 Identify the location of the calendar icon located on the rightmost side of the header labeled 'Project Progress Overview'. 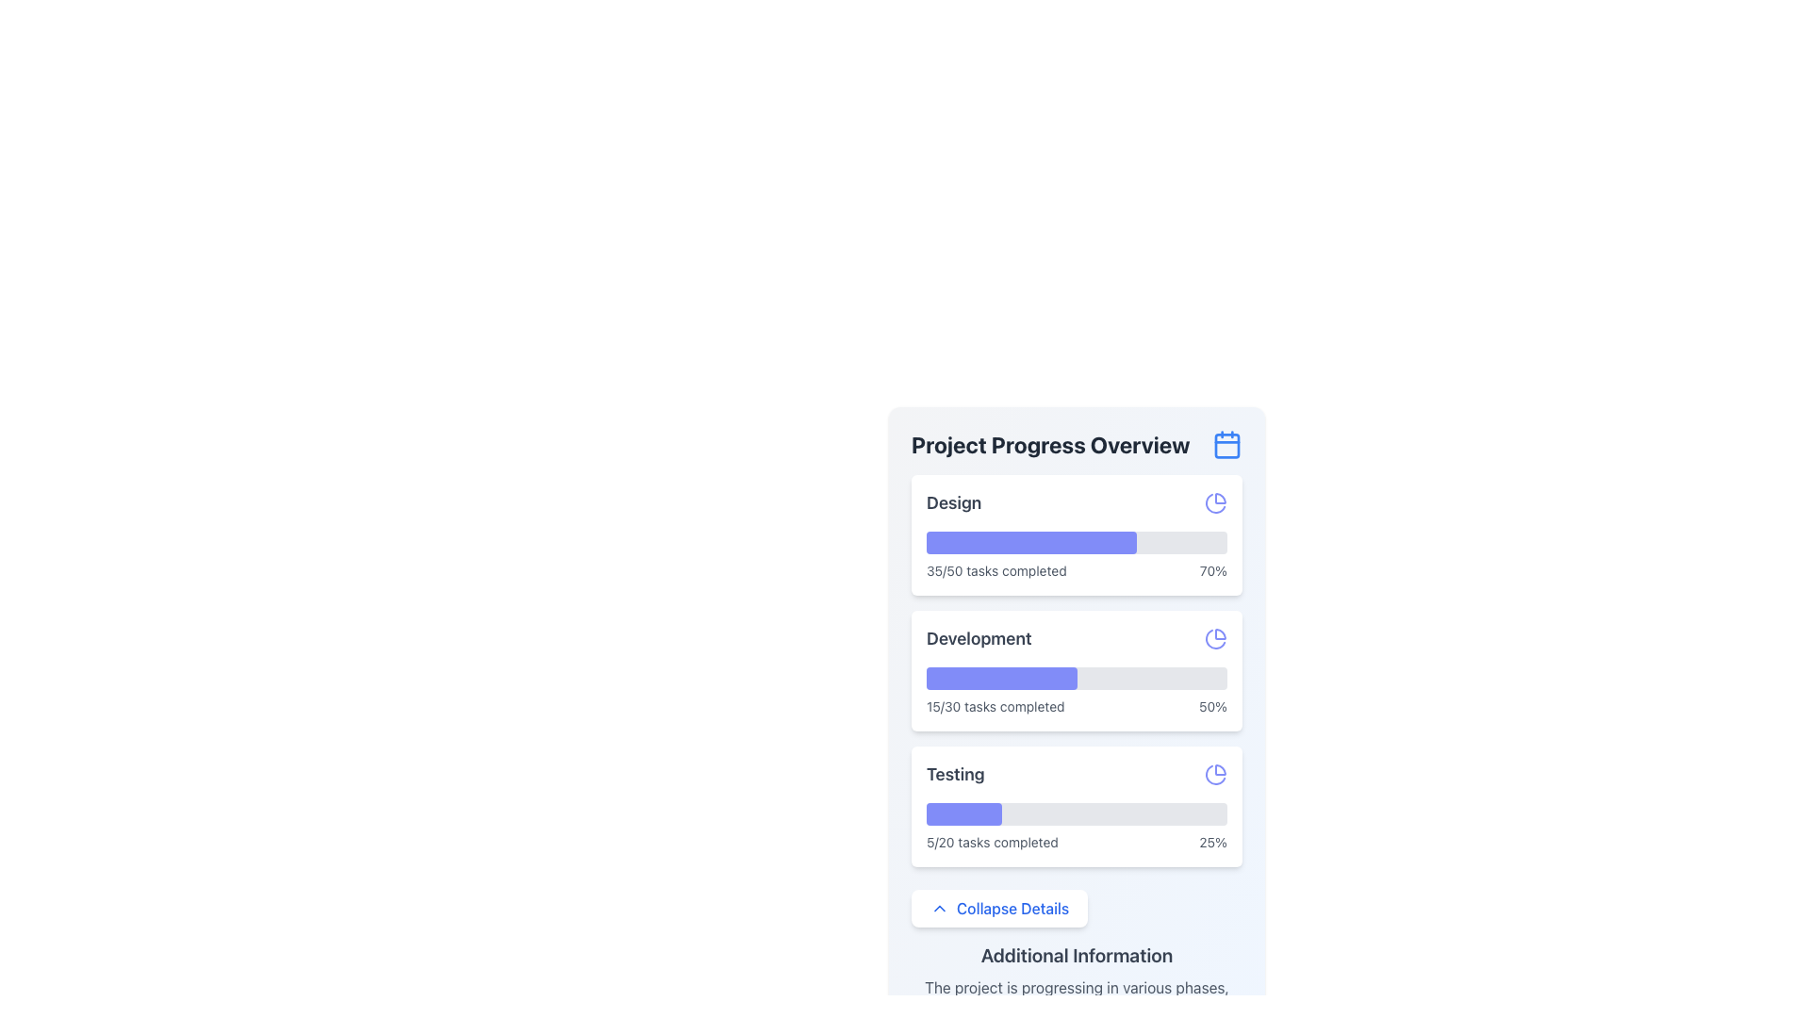
(1226, 444).